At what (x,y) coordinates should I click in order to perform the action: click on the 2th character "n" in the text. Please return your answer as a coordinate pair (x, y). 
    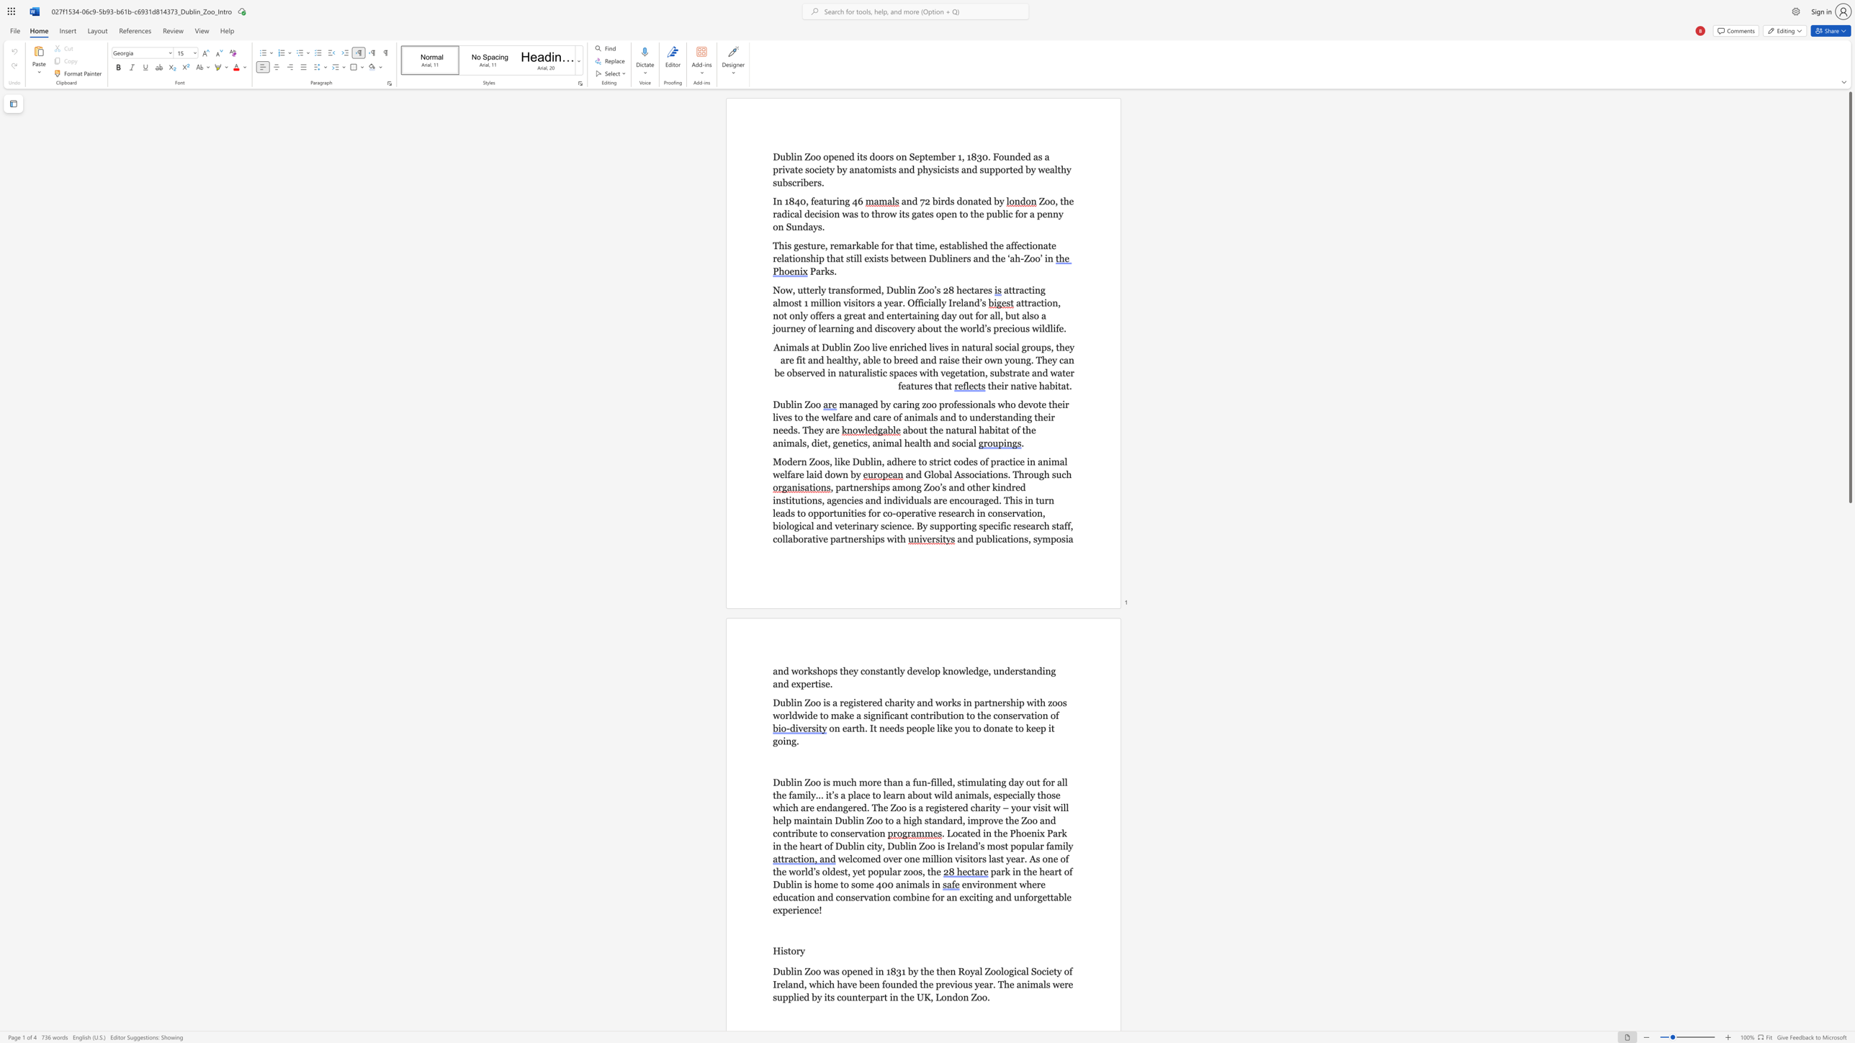
    Looking at the image, I should click on (799, 883).